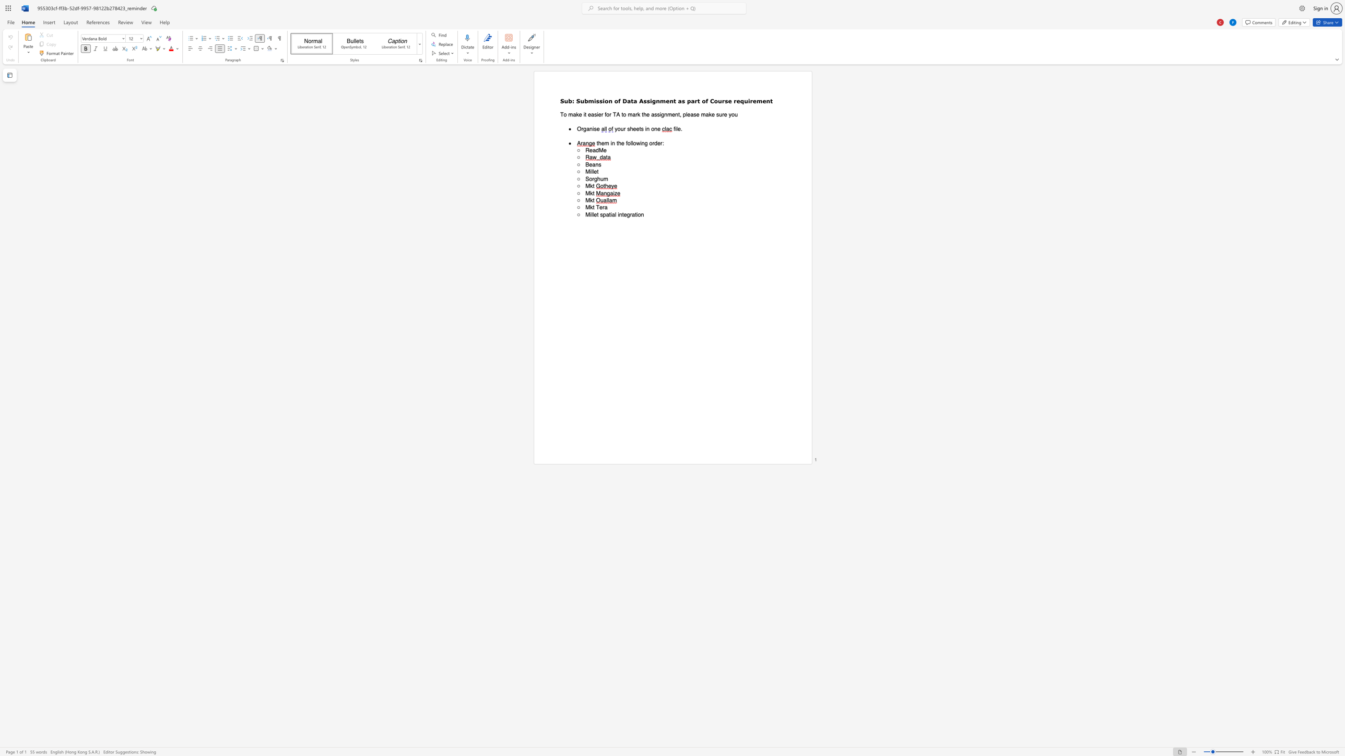 The image size is (1345, 756). What do you see at coordinates (634, 143) in the screenshot?
I see `the 2th character "o" in the text` at bounding box center [634, 143].